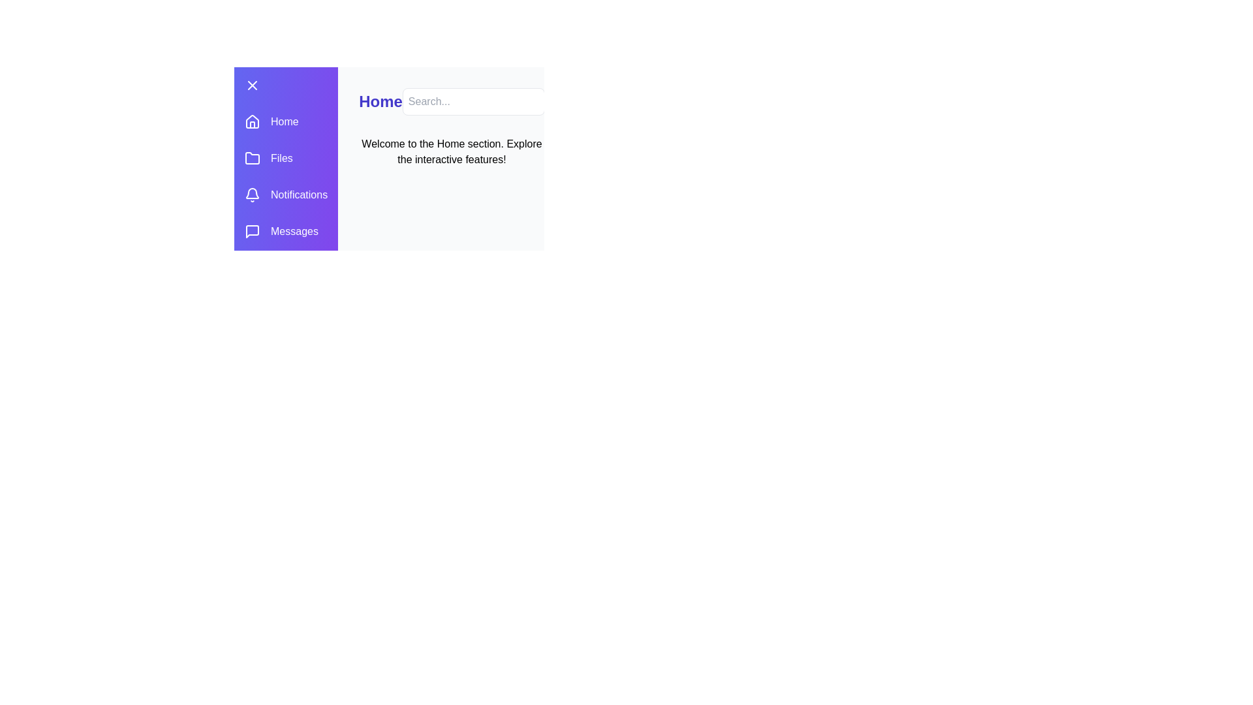 The image size is (1253, 705). What do you see at coordinates (285, 121) in the screenshot?
I see `the tab Home from the drawer to navigate to its respective section` at bounding box center [285, 121].